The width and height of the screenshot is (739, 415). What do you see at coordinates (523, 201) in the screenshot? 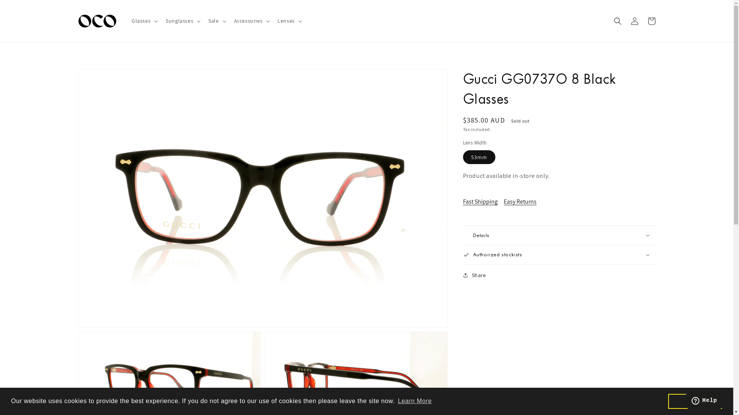
I see `'Easy Returns'` at bounding box center [523, 201].